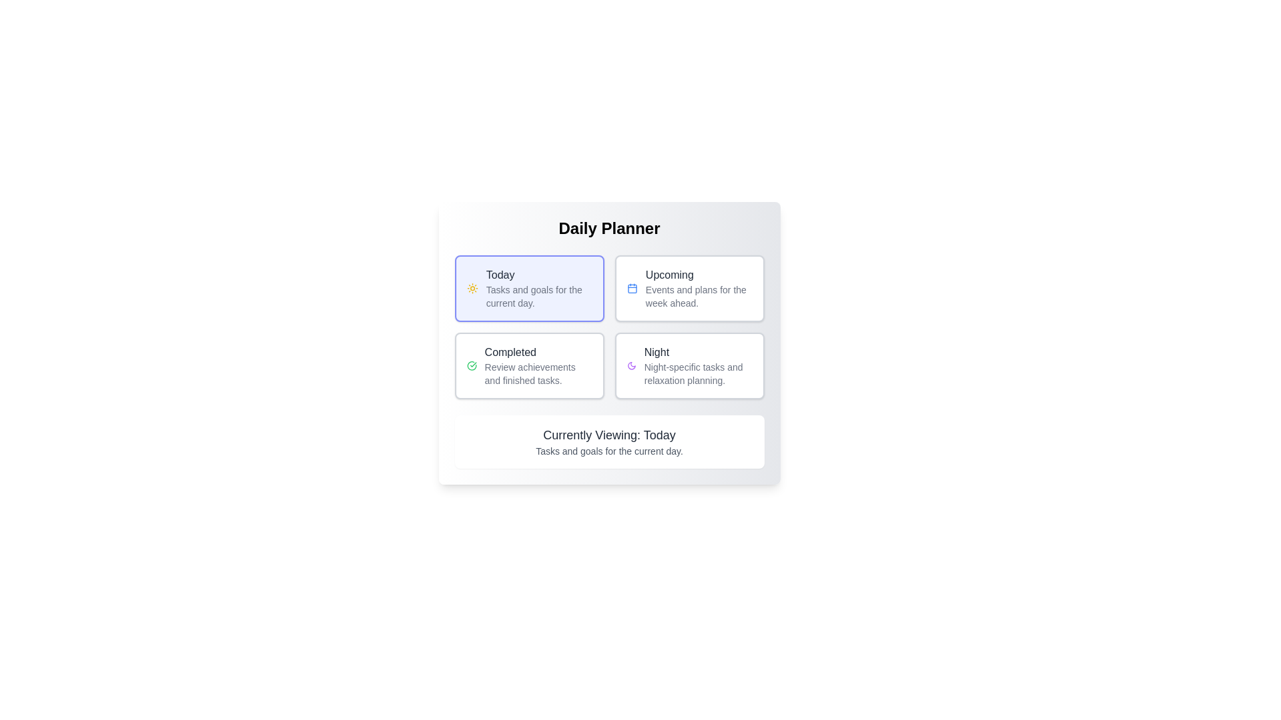  What do you see at coordinates (697, 373) in the screenshot?
I see `the static text block that contains the description 'Night-specific tasks and relaxation planning.' located within the 'Night' card at the bottom-right corner of the main grid` at bounding box center [697, 373].